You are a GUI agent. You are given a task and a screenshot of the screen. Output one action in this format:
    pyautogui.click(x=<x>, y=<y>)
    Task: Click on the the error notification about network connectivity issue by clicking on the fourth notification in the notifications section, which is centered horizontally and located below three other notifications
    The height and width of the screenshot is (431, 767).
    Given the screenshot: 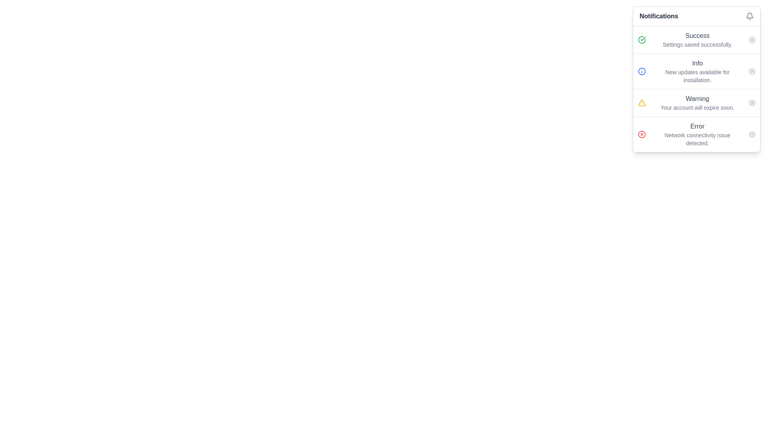 What is the action you would take?
    pyautogui.click(x=697, y=134)
    